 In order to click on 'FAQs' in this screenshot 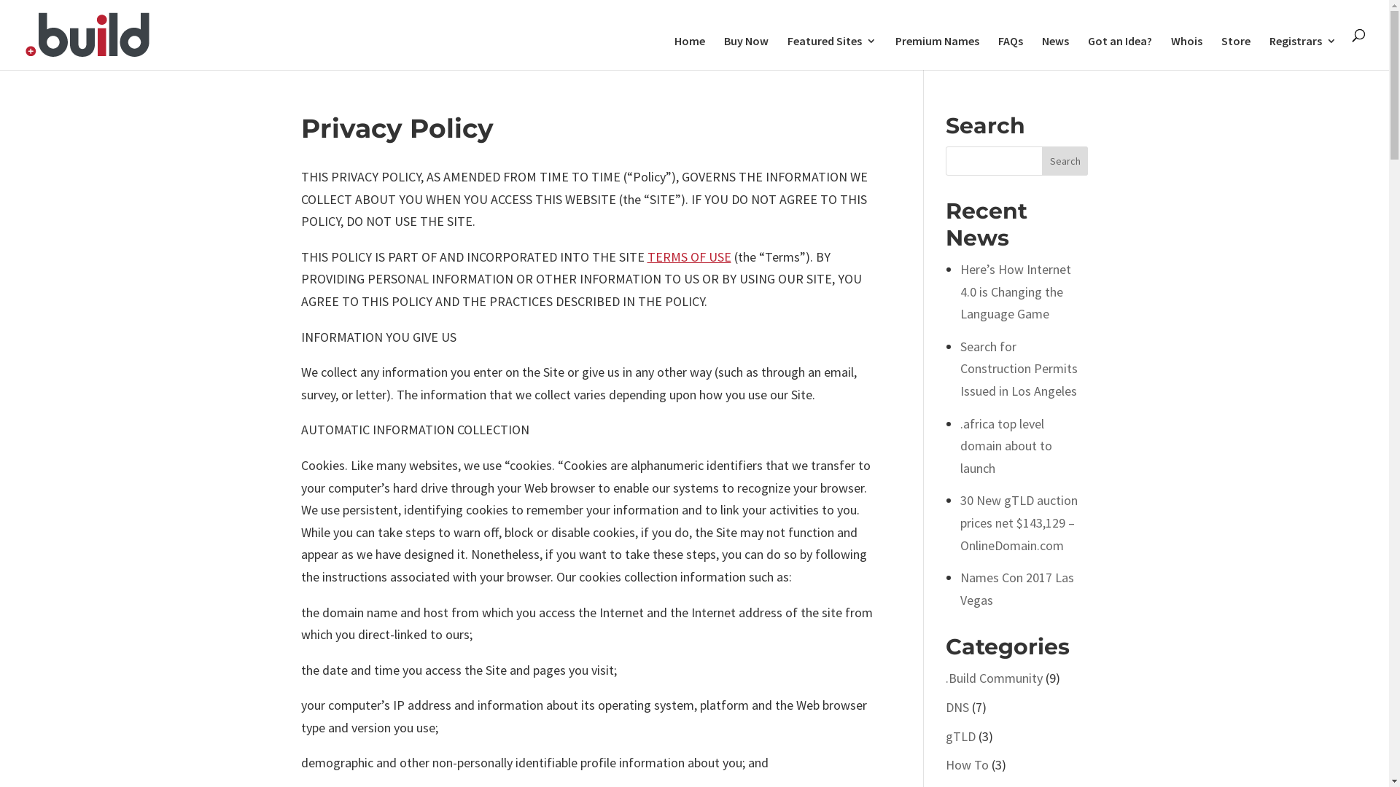, I will do `click(1010, 52)`.